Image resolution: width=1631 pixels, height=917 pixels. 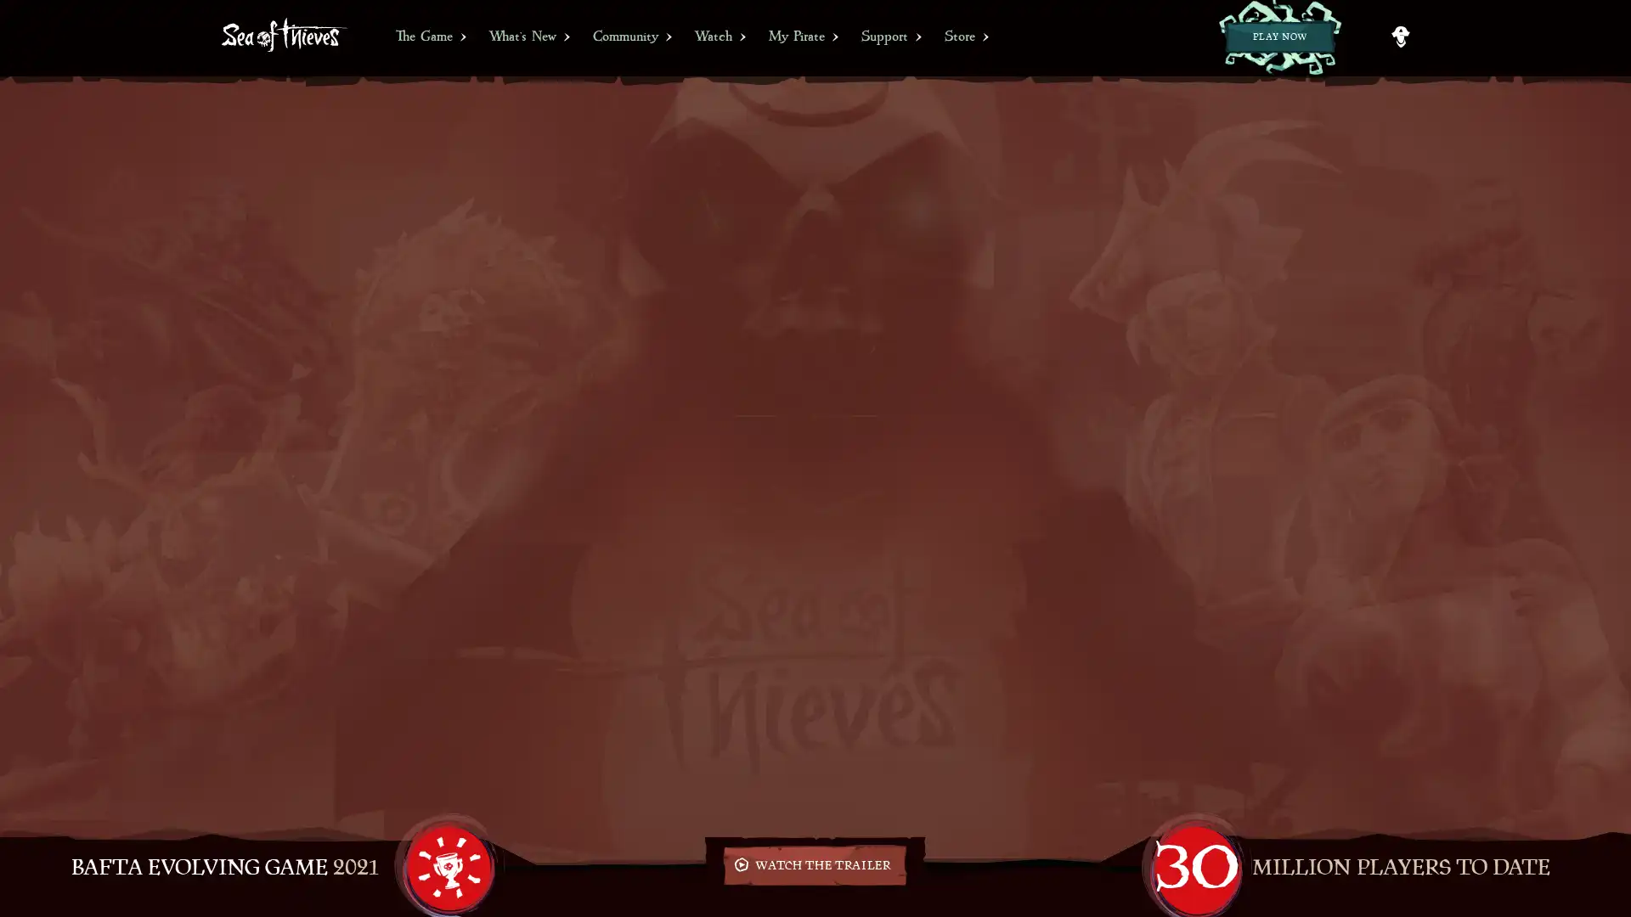 What do you see at coordinates (12, 7) in the screenshot?
I see `Skip To Content` at bounding box center [12, 7].